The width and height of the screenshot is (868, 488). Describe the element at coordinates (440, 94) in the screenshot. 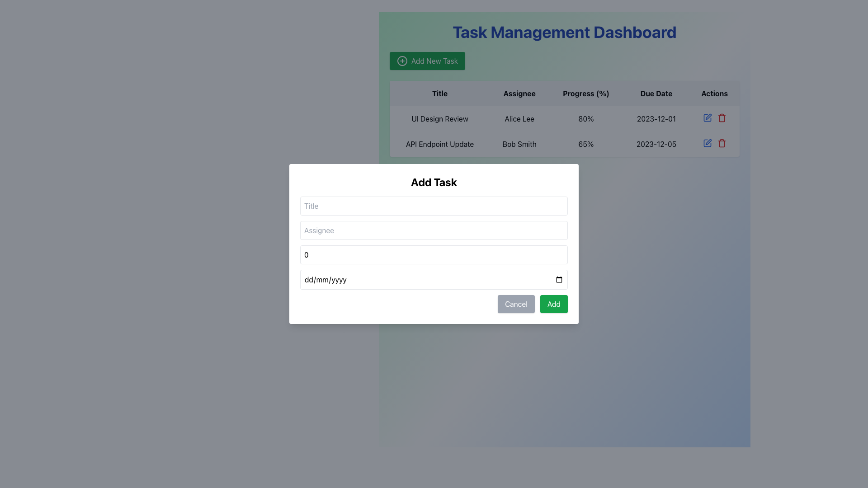

I see `text of the Table Header Label for the first column, which indicates the 'Title' of tasks or items` at that location.